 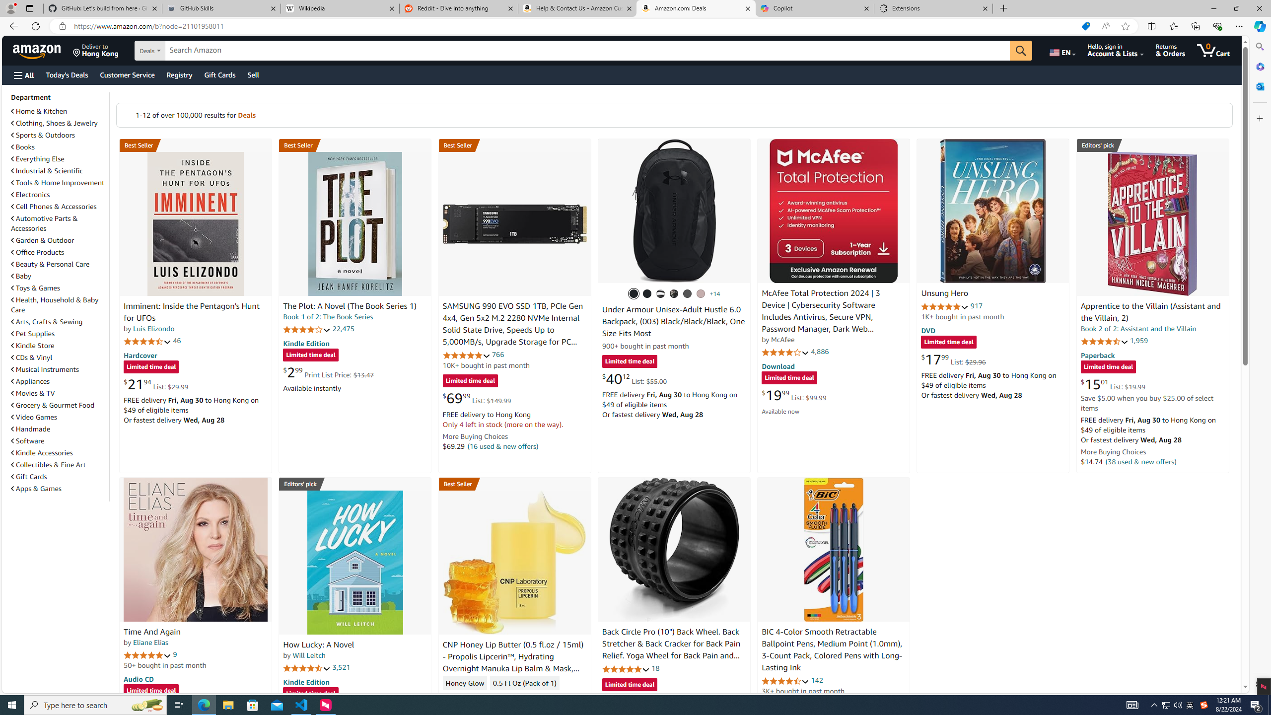 What do you see at coordinates (174, 654) in the screenshot?
I see `'9'` at bounding box center [174, 654].